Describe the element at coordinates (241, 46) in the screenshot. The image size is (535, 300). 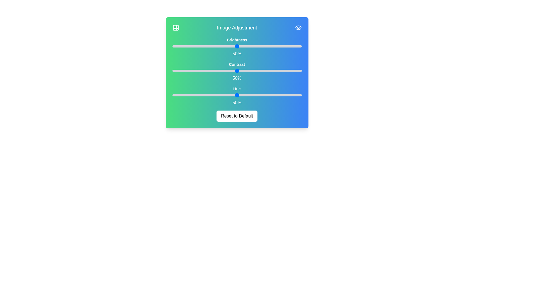
I see `the 0 slider to 3%` at that location.